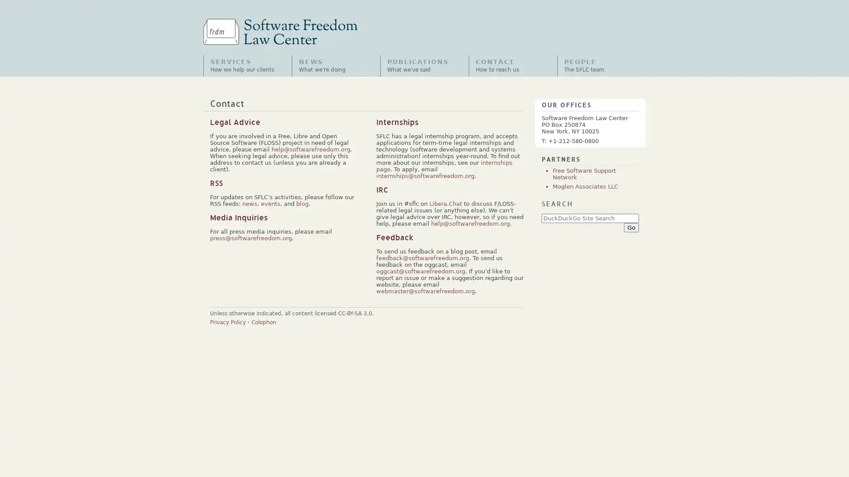  Describe the element at coordinates (631, 227) in the screenshot. I see `Go` at that location.